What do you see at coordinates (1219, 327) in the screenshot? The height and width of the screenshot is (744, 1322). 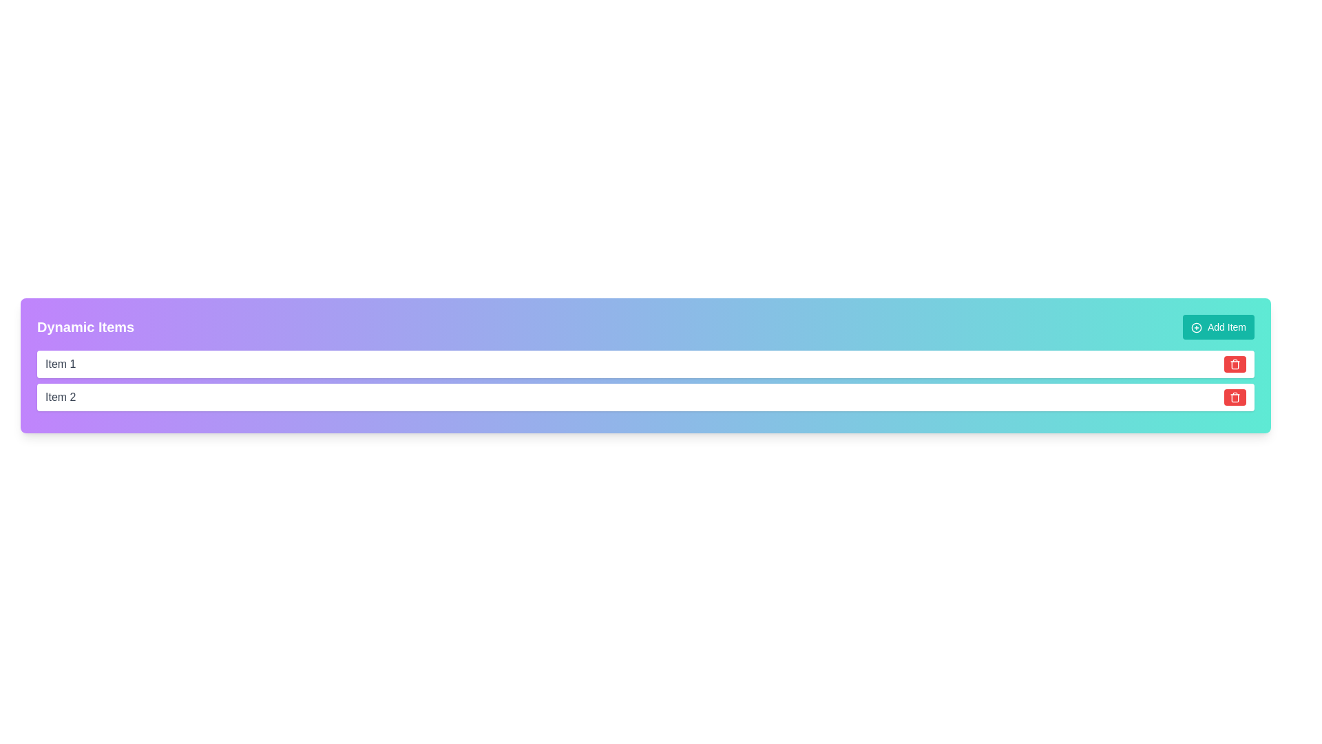 I see `the green 'Add Item' button with white text and a plus sign icon to initiate the 'Add Item' action` at bounding box center [1219, 327].